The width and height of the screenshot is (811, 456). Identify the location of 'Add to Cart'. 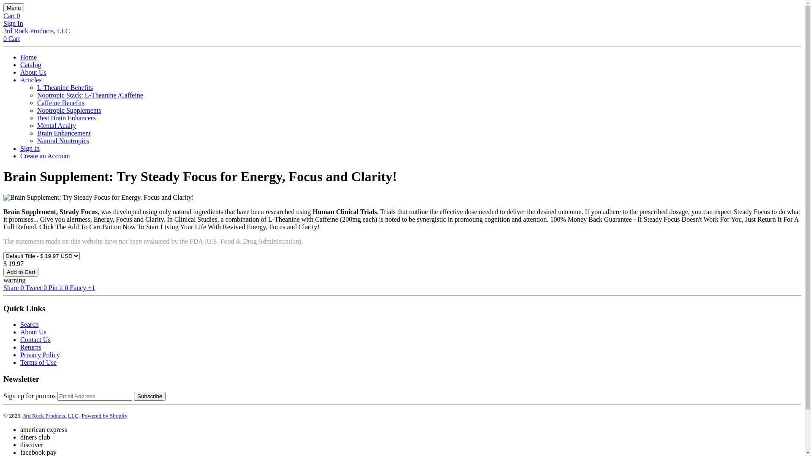
(21, 272).